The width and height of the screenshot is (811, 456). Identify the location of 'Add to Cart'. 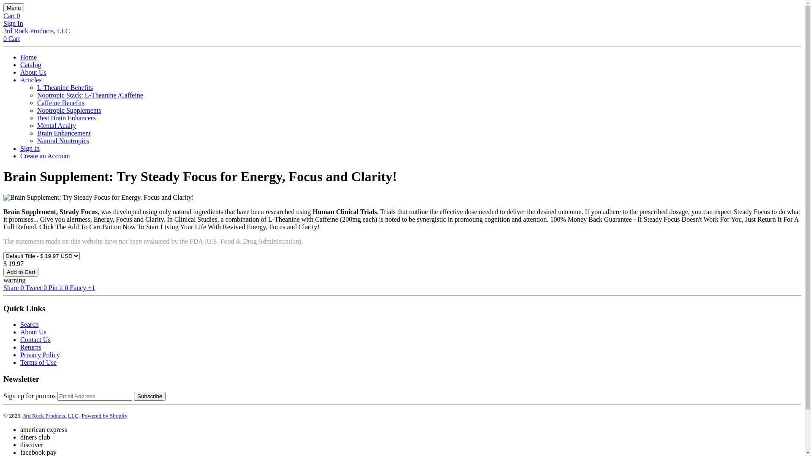
(21, 272).